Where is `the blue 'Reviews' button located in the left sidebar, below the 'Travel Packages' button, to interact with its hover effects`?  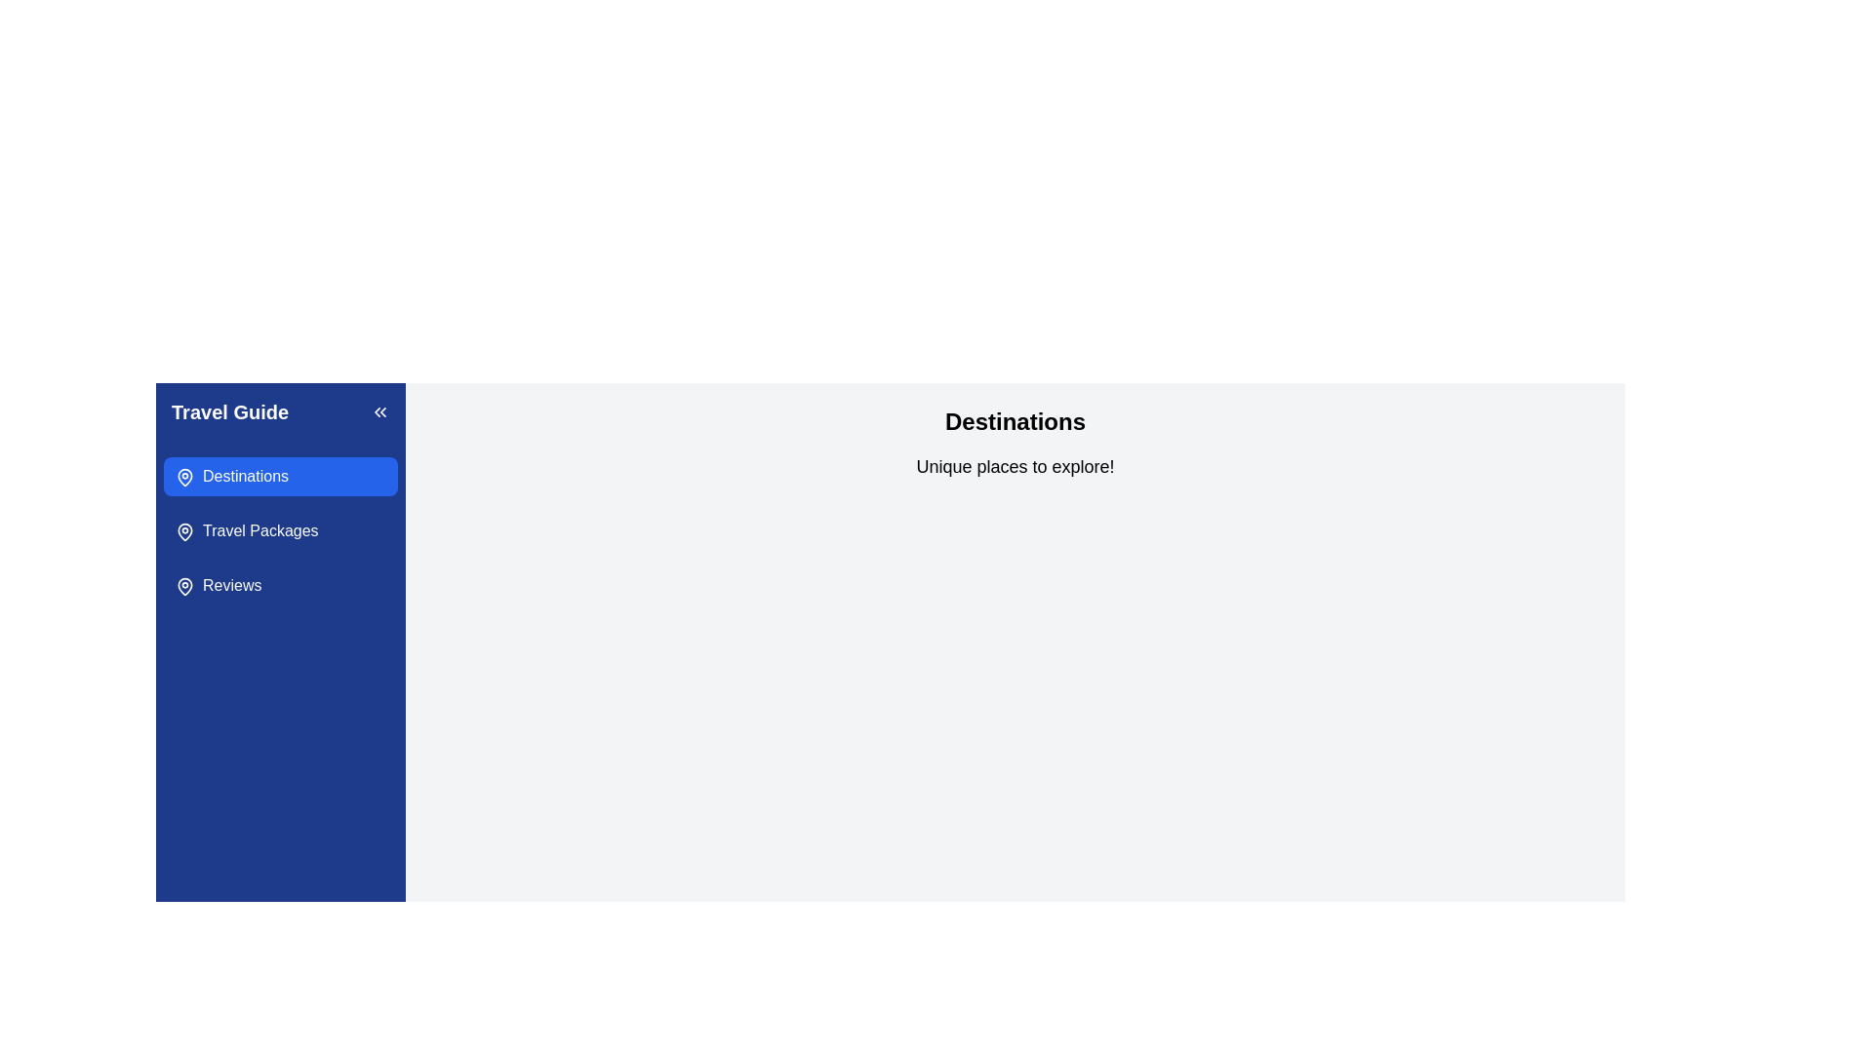 the blue 'Reviews' button located in the left sidebar, below the 'Travel Packages' button, to interact with its hover effects is located at coordinates (280, 585).